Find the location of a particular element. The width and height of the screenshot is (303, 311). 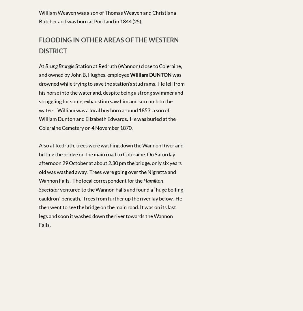

'4 November' is located at coordinates (105, 127).